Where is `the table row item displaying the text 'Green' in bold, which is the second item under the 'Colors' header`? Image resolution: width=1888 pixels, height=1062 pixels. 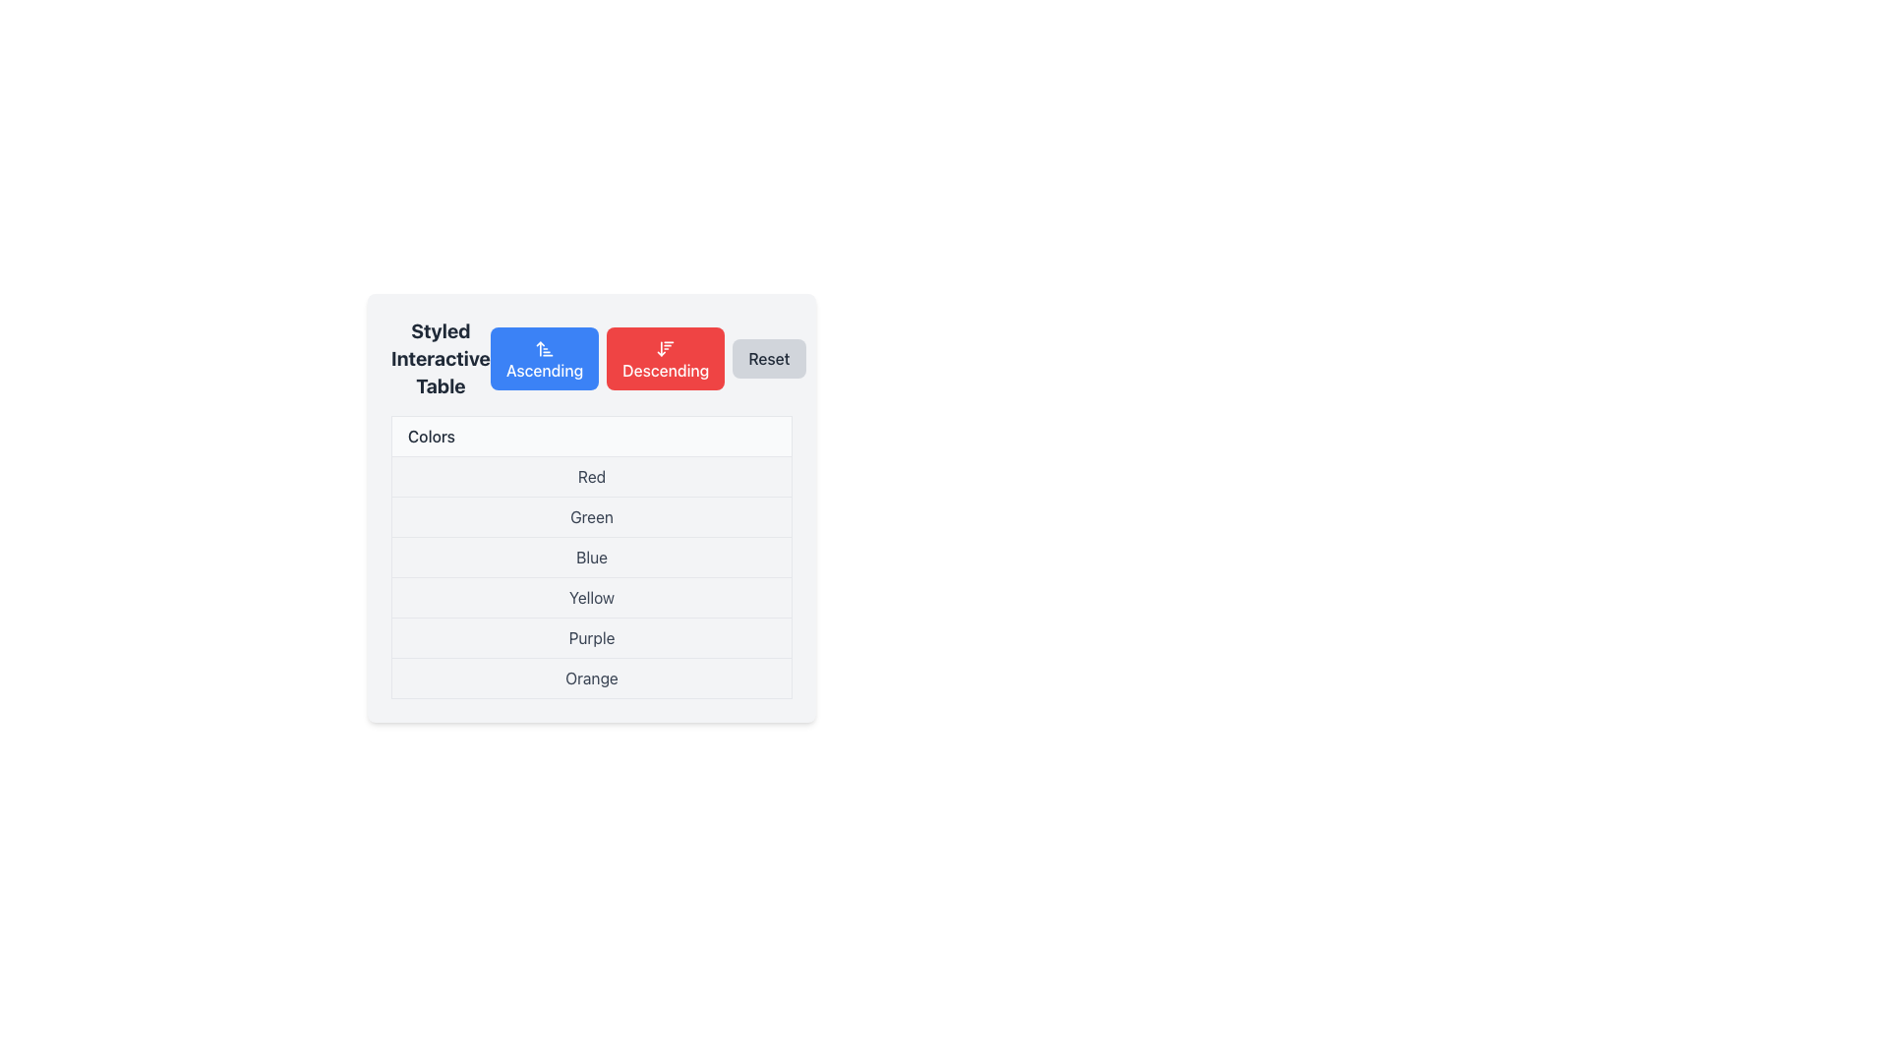 the table row item displaying the text 'Green' in bold, which is the second item under the 'Colors' header is located at coordinates (590, 506).